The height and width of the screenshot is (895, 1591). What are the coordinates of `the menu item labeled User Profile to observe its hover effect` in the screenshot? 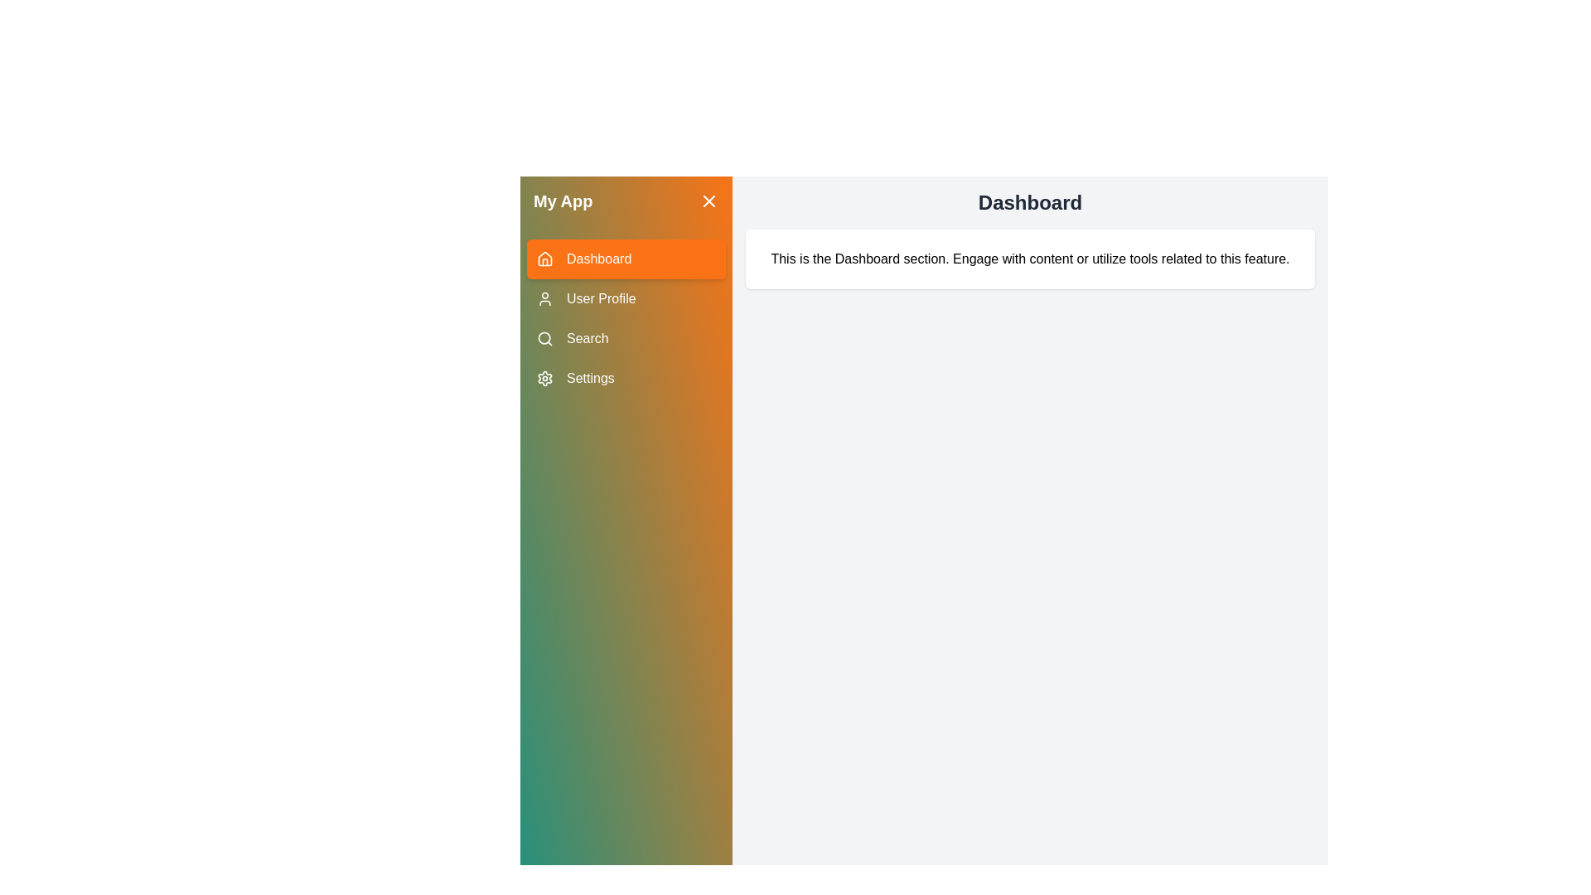 It's located at (625, 299).